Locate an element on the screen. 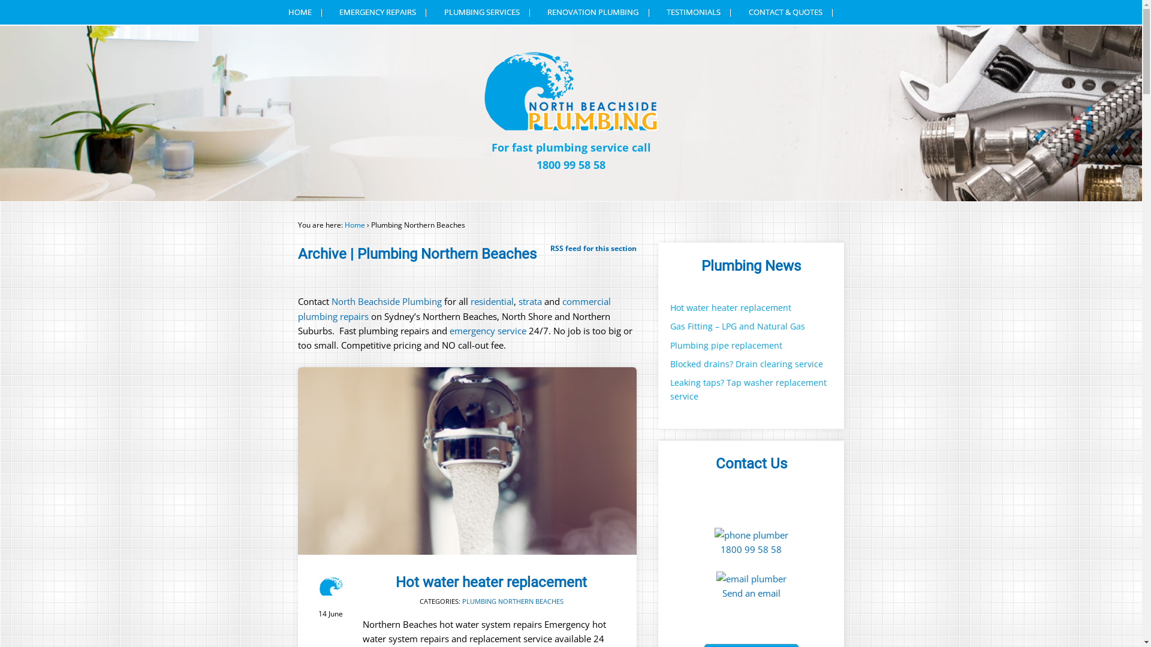 Image resolution: width=1151 pixels, height=647 pixels. 'Blocked drains? Drain clearing service' is located at coordinates (670, 363).